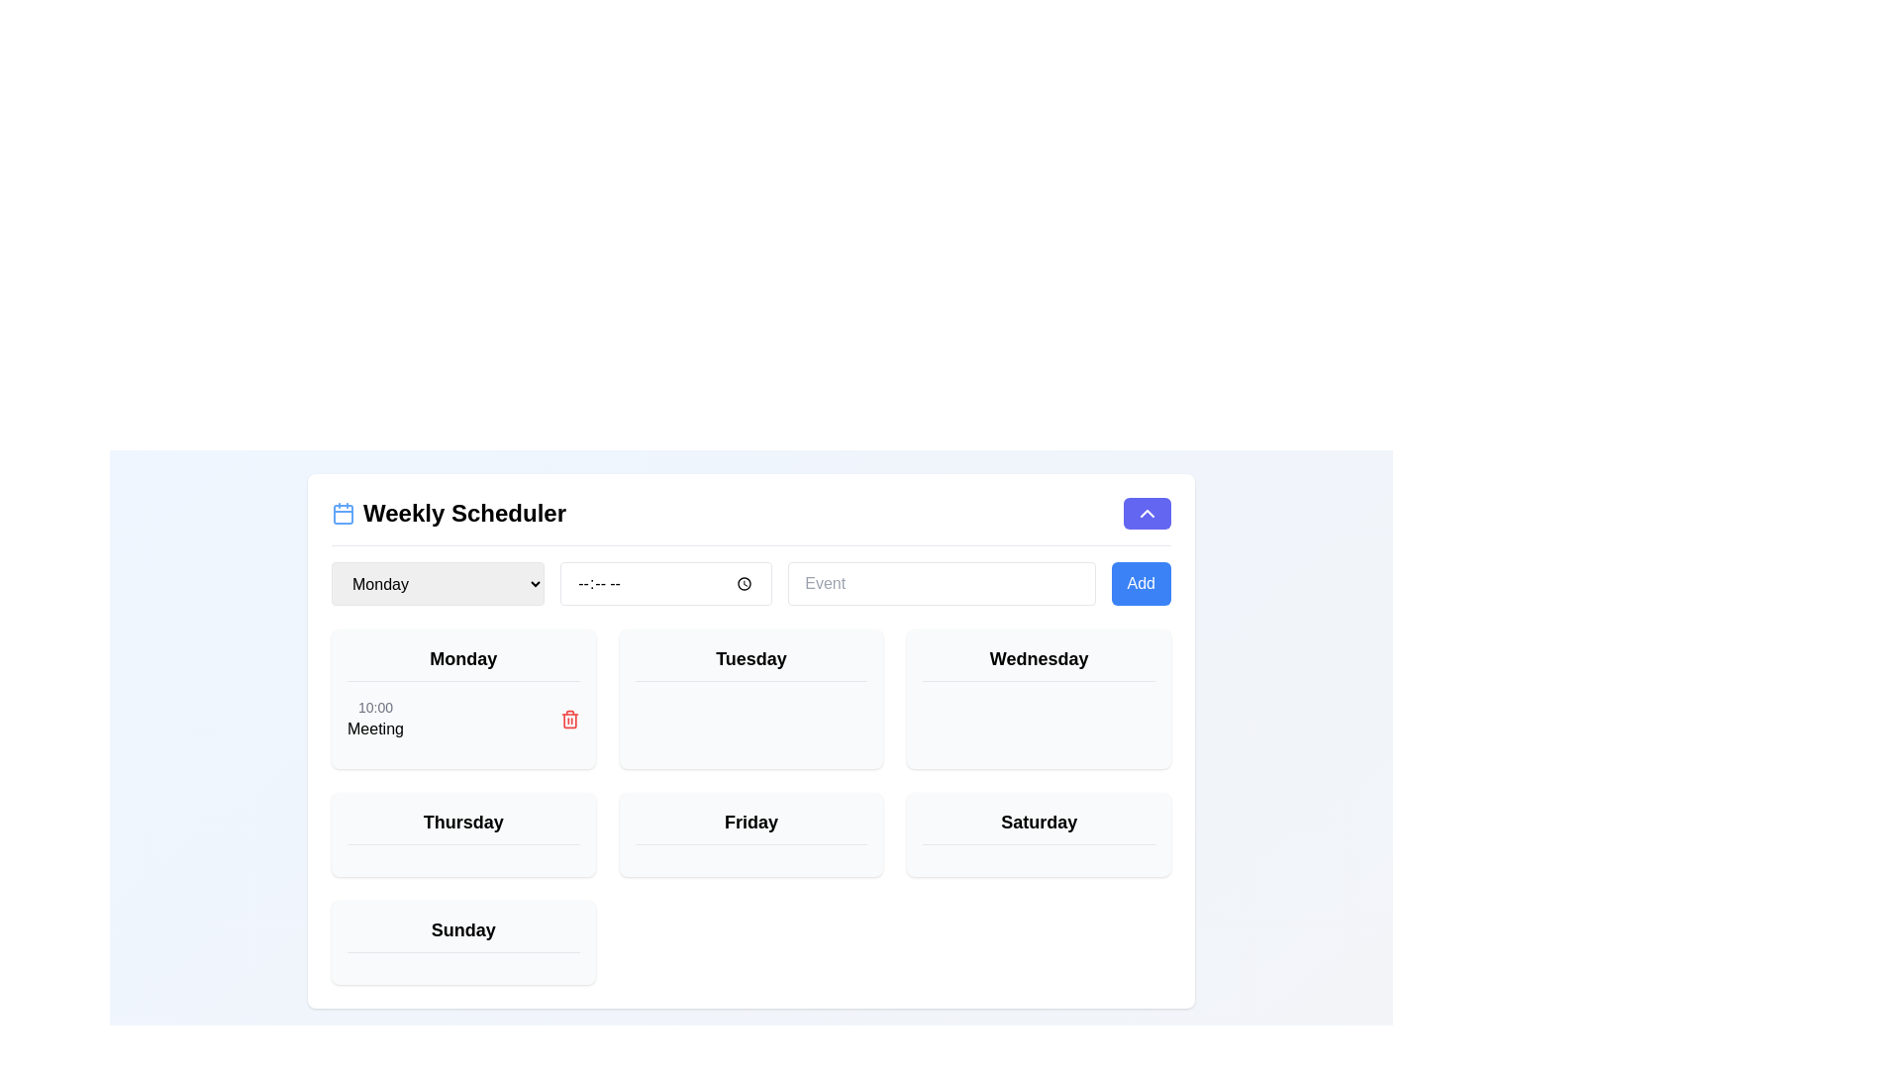 The height and width of the screenshot is (1069, 1901). Describe the element at coordinates (1147, 513) in the screenshot. I see `the arrow icon located in the top-right corner of the rounded rectangular button with a purple background` at that location.